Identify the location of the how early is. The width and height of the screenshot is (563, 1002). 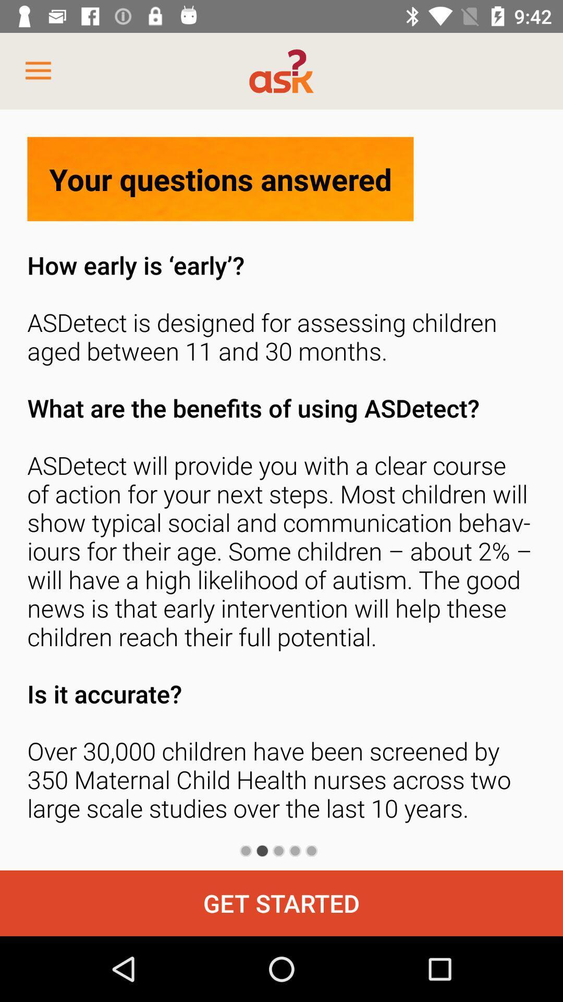
(281, 540).